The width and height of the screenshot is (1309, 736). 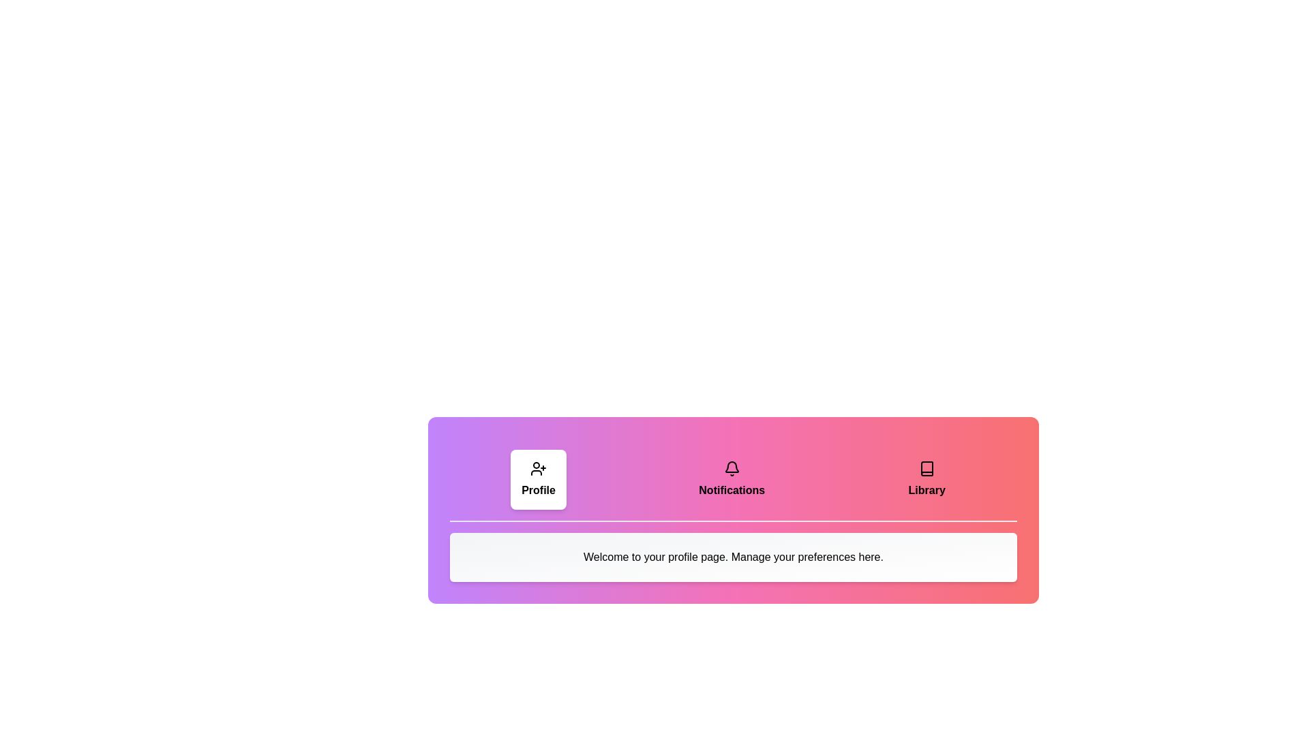 What do you see at coordinates (538, 479) in the screenshot?
I see `the tab named Profile by clicking on its button` at bounding box center [538, 479].